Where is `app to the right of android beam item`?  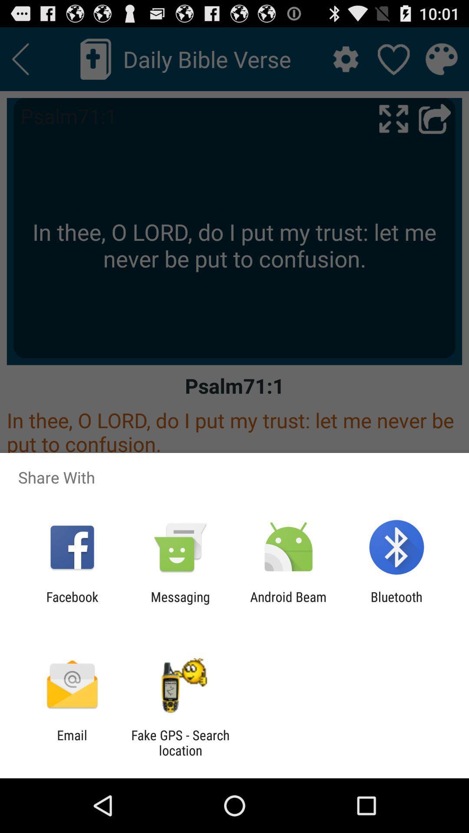 app to the right of android beam item is located at coordinates (396, 604).